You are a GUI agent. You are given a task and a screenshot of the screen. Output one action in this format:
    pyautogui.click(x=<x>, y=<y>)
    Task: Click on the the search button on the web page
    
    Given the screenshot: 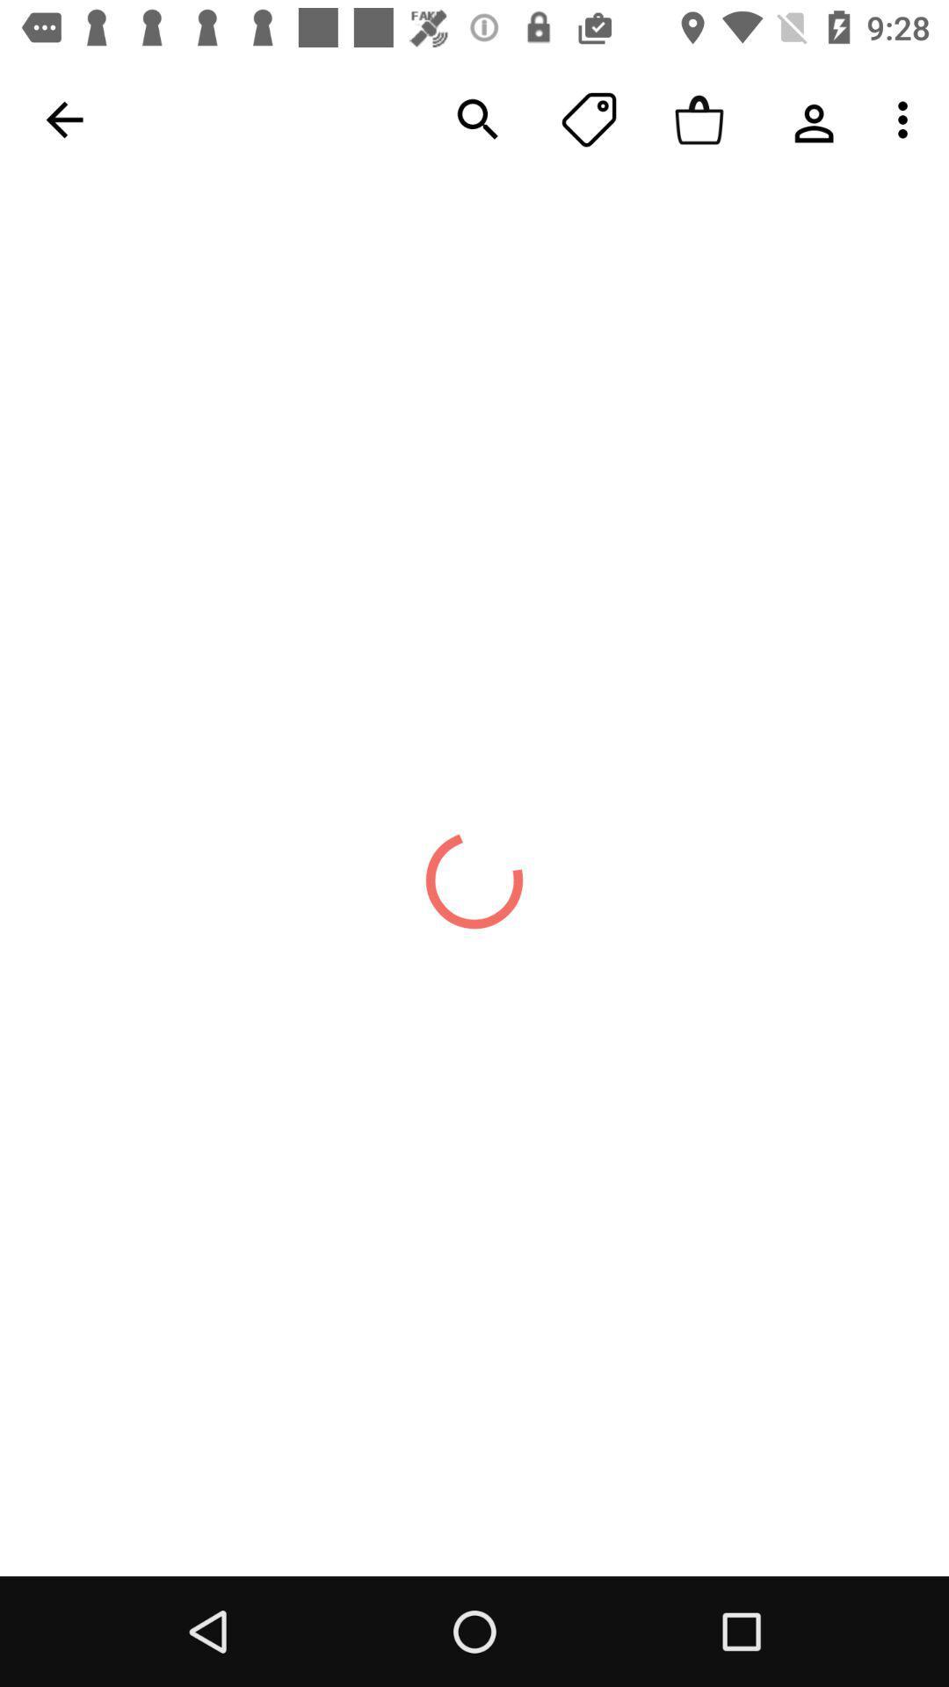 What is the action you would take?
    pyautogui.click(x=478, y=119)
    